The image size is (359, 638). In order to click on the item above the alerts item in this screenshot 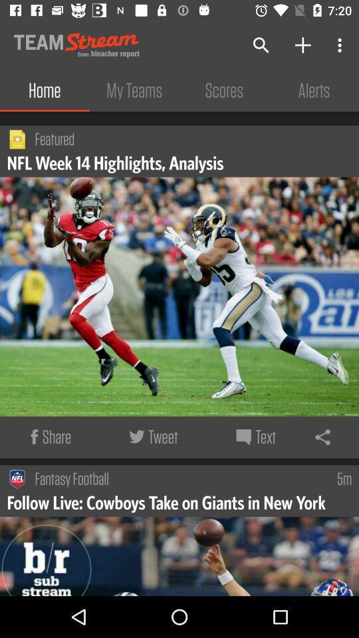, I will do `click(341, 45)`.